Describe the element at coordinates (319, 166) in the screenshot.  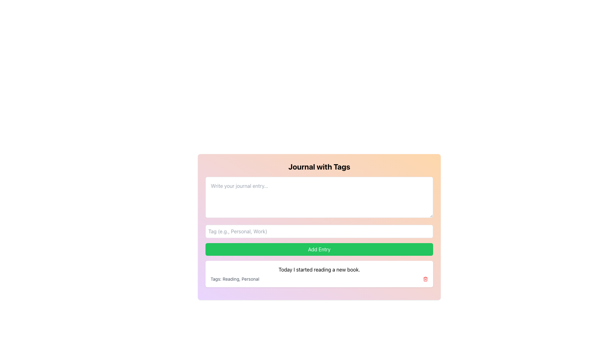
I see `the heading element displaying 'Journal with Tags', which is a bold, large-sized text in black font located at the top of a gradient-styled card` at that location.